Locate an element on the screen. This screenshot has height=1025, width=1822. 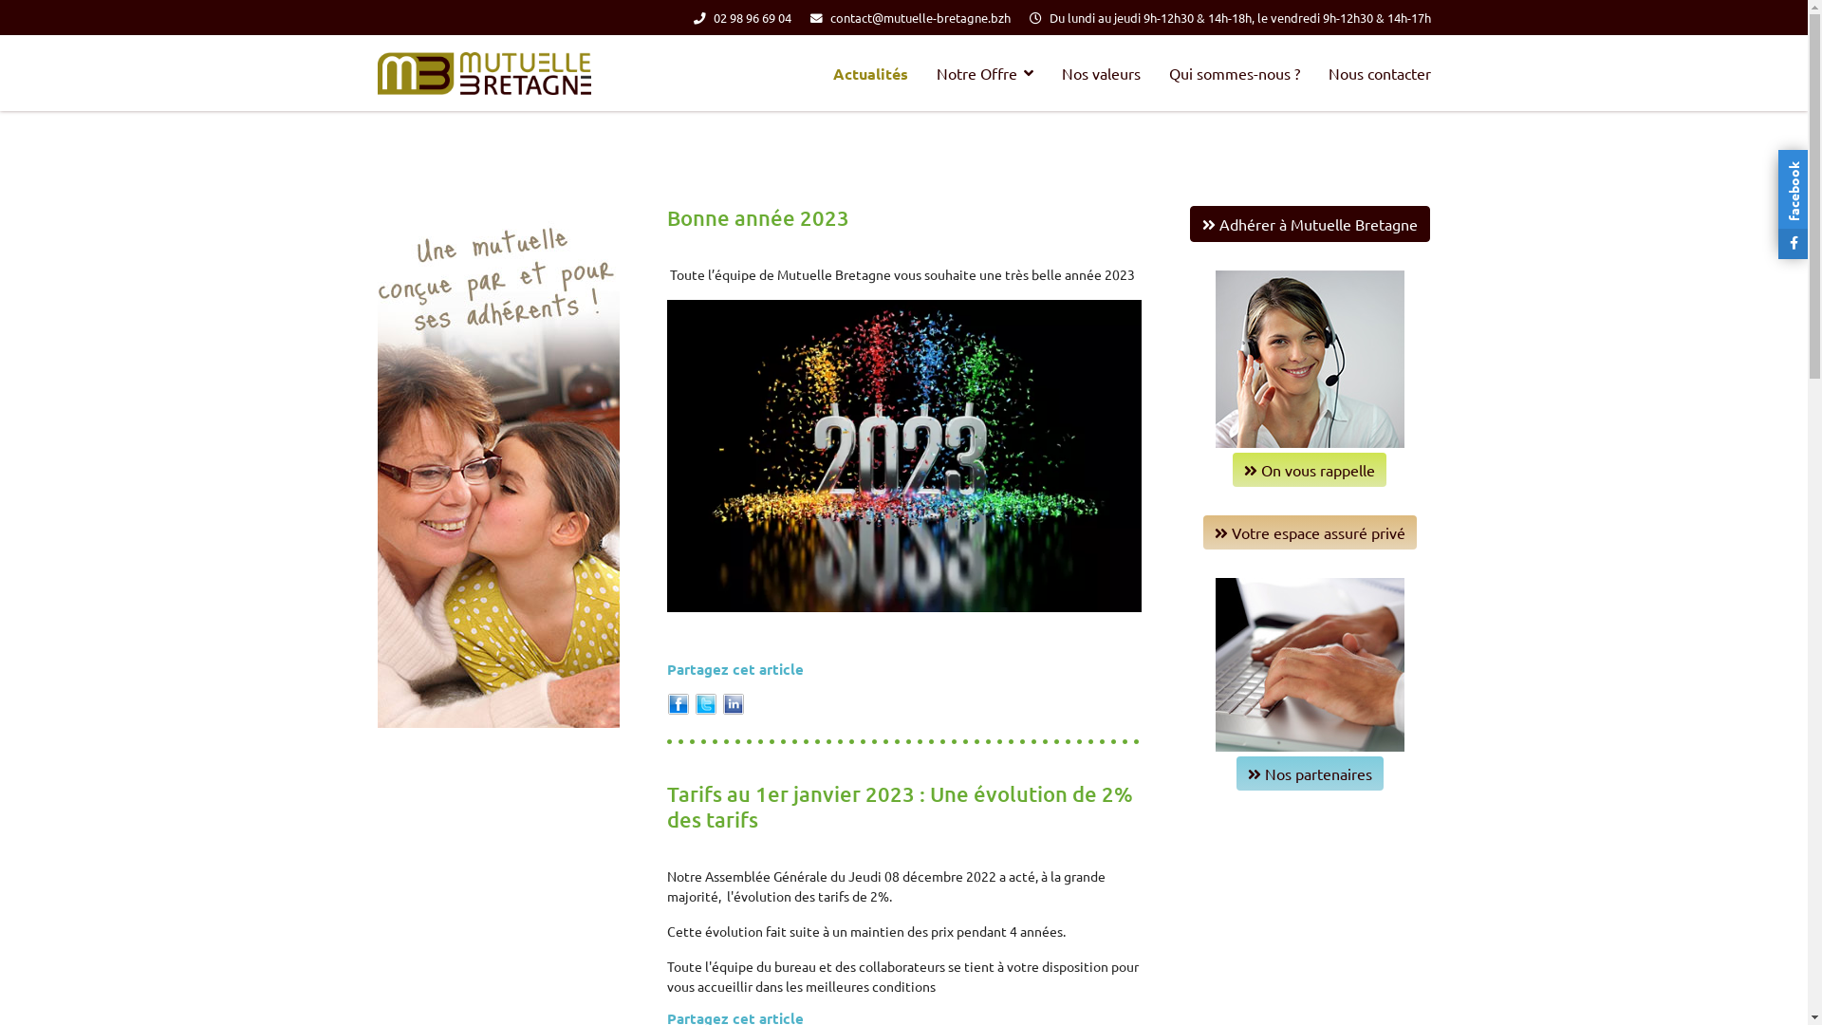
'Submit to LinkedIn' is located at coordinates (732, 702).